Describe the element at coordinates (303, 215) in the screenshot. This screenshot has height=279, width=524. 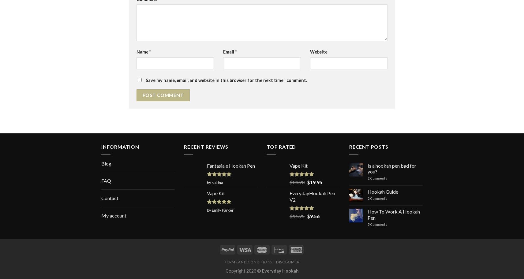
I see `'4.83'` at that location.